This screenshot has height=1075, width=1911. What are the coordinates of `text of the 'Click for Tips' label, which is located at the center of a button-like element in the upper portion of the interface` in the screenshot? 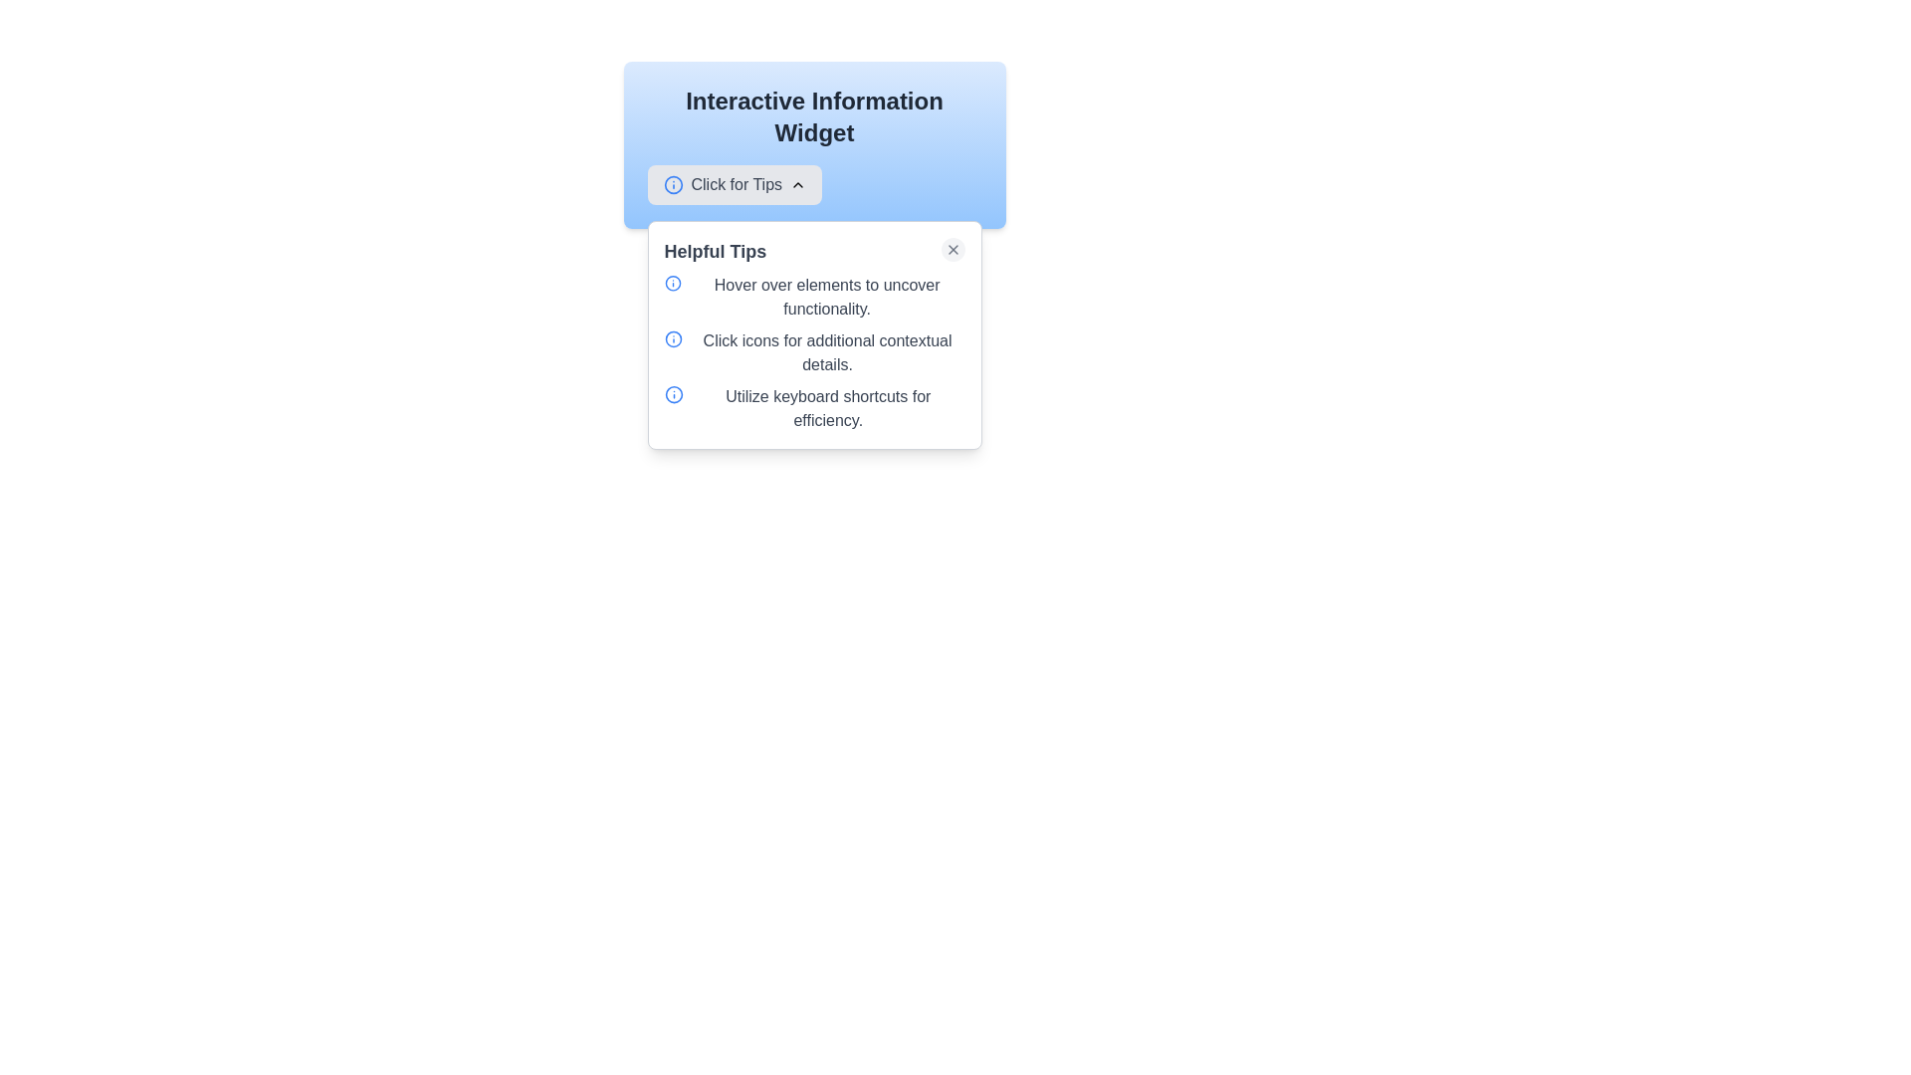 It's located at (736, 184).